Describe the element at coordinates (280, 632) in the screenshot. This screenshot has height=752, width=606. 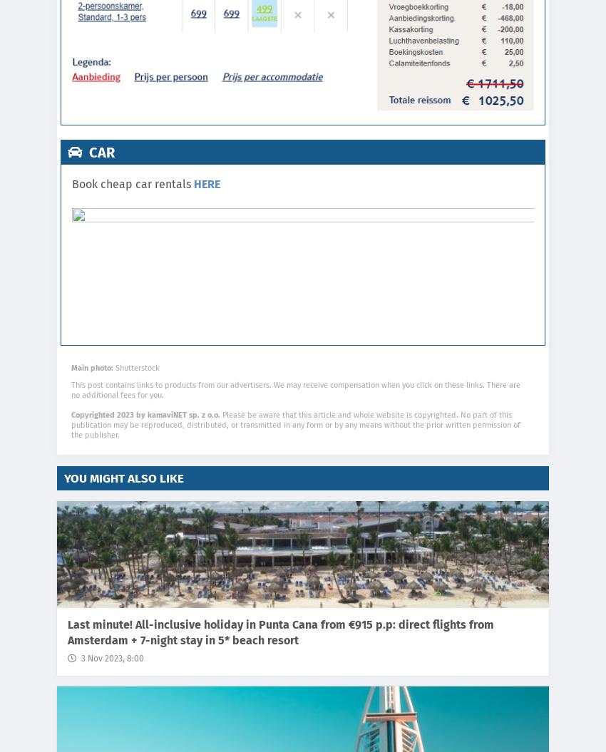
I see `'Last minute! All-inclusive holiday in Punta Cana from €915 p.p: direct flights from Amsterdam + 7-night stay in 5* beach resort'` at that location.